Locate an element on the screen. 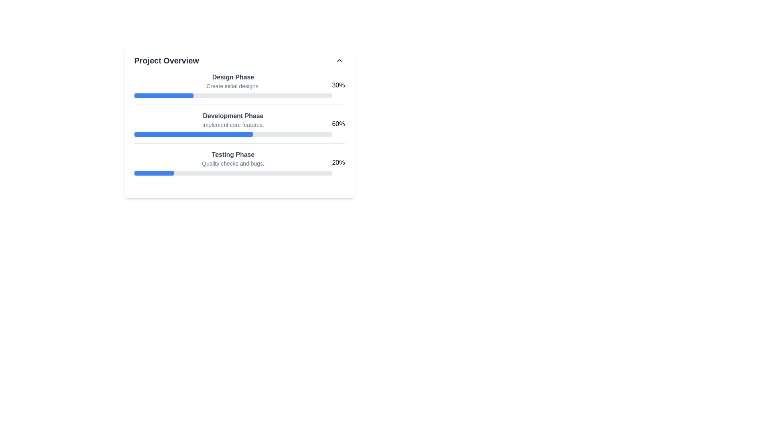 This screenshot has height=431, width=766. the Progress bar list element is located at coordinates (239, 127).